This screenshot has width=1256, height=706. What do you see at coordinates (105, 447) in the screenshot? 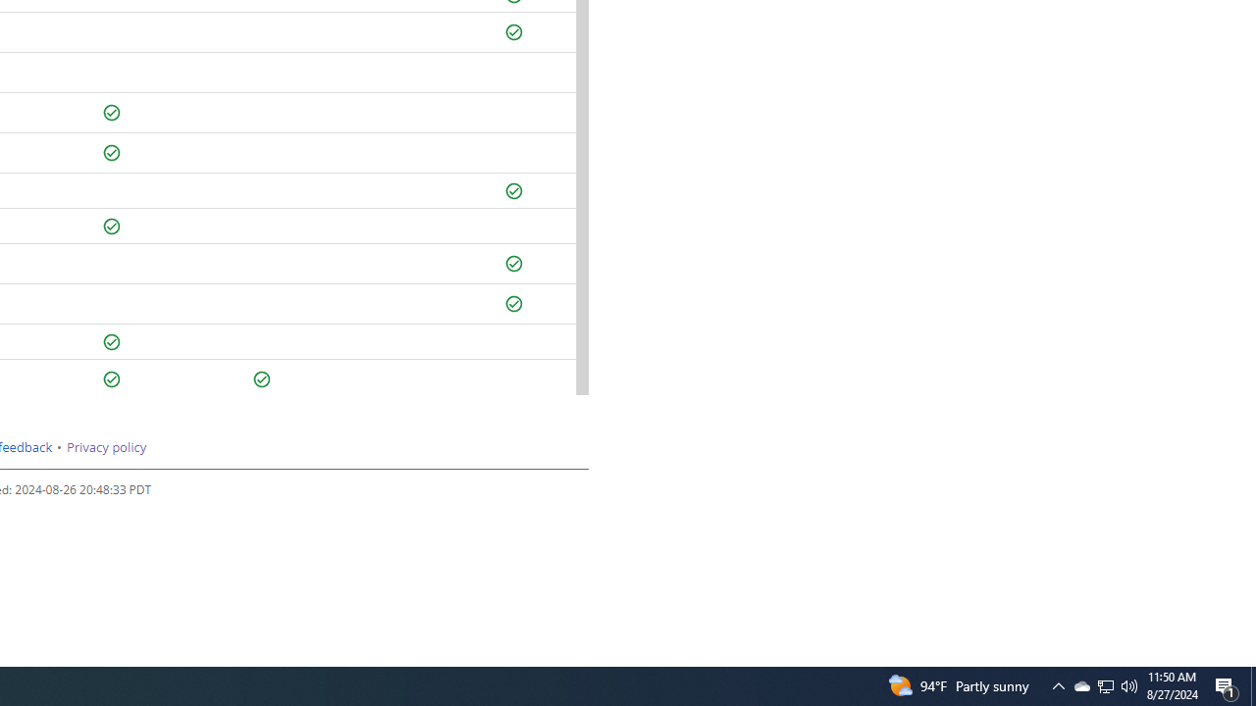
I see `'Privacy policy'` at bounding box center [105, 447].